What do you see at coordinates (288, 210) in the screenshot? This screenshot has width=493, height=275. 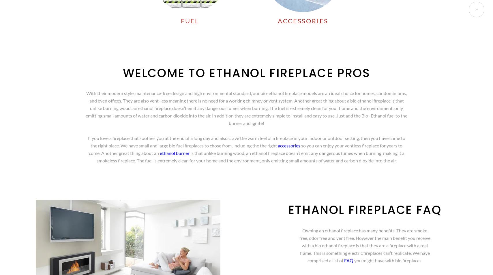 I see `'ETHANOL FIREPLACE FAQ'` at bounding box center [288, 210].